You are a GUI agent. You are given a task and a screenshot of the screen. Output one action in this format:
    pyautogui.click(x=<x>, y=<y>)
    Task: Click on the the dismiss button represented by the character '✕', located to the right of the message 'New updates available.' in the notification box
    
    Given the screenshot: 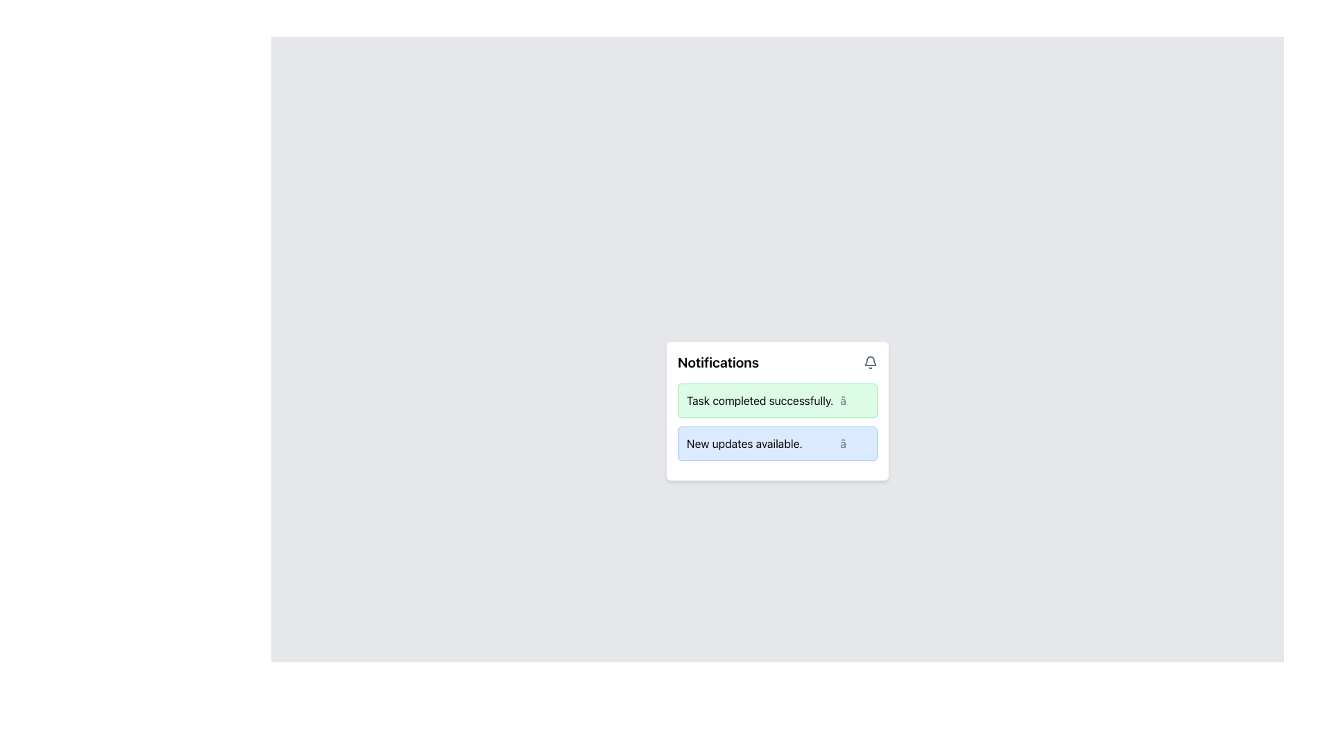 What is the action you would take?
    pyautogui.click(x=853, y=444)
    